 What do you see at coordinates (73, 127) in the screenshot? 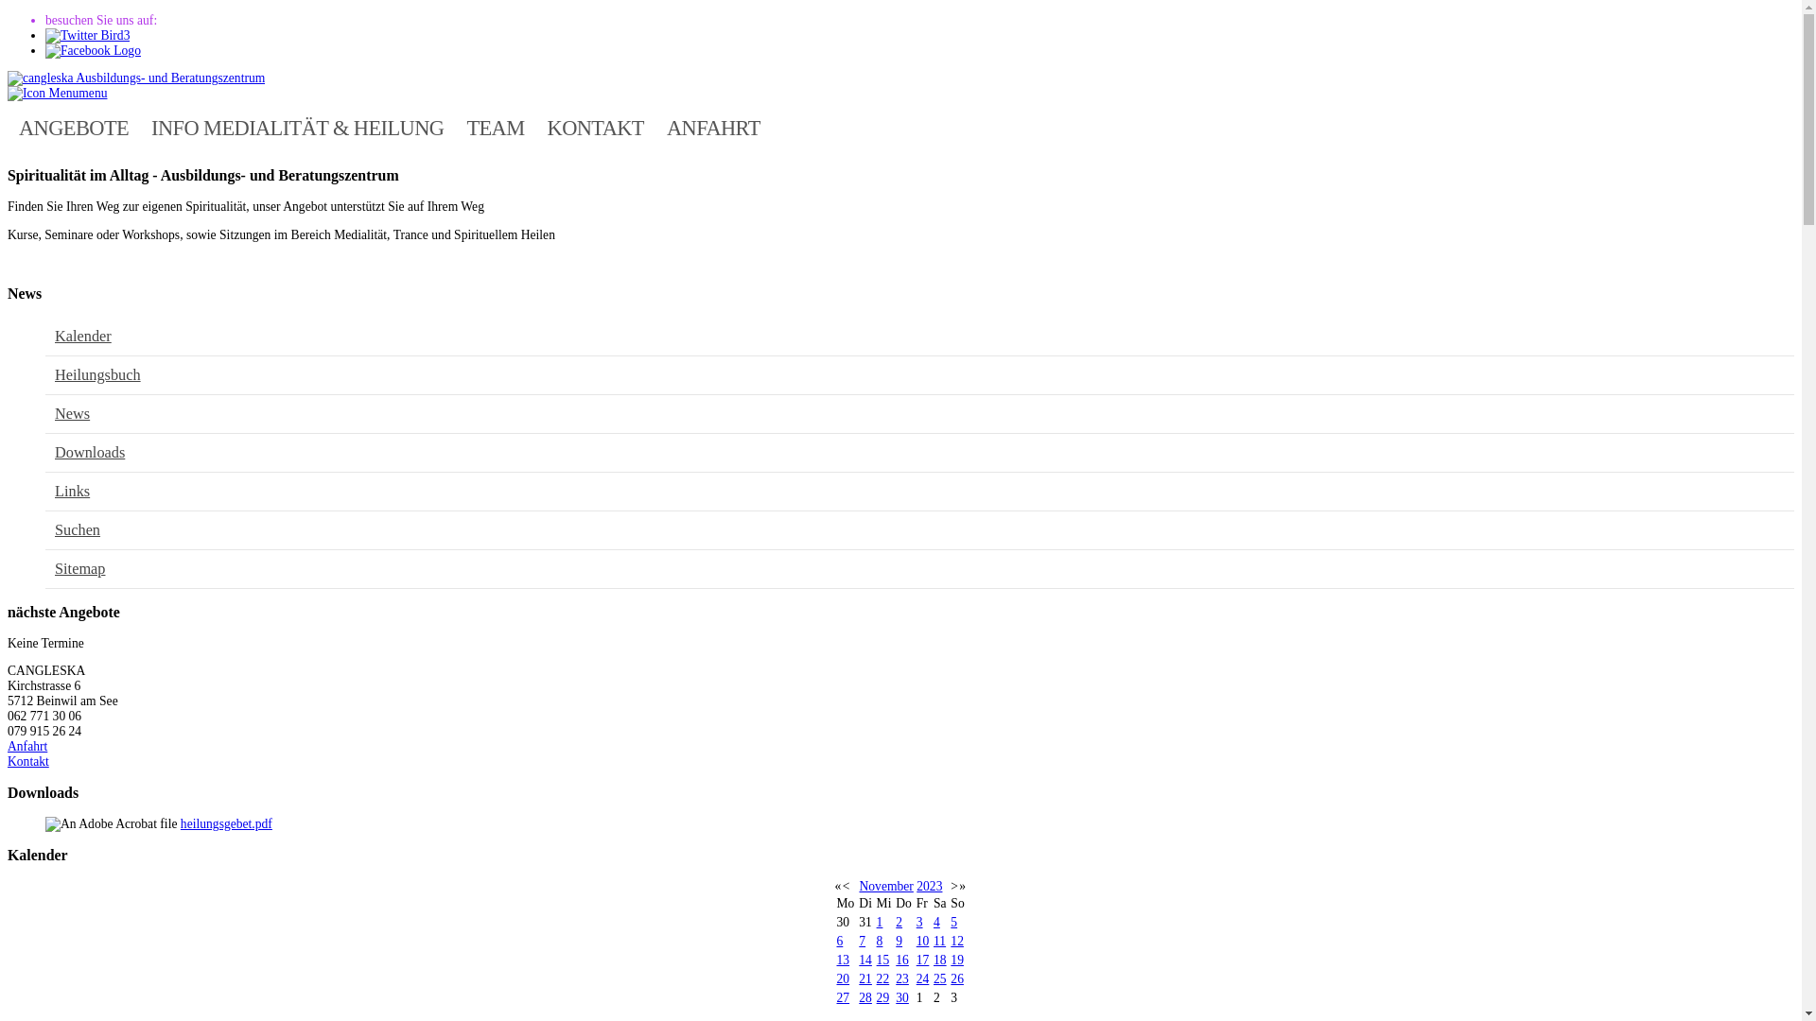
I see `'ANGEBOTE'` at bounding box center [73, 127].